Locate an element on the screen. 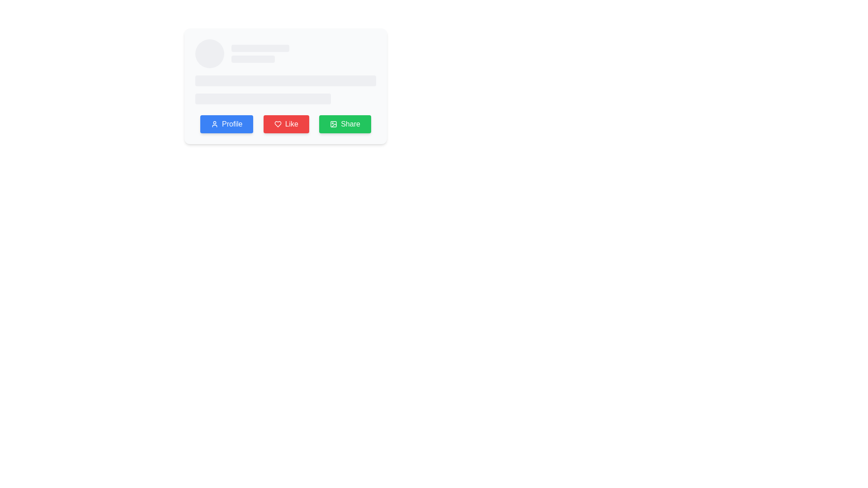 The image size is (868, 488). the Placeholder bar, which is a horizontal rectangular bar with a light gray background and rounded corners, located in the upper-middle region of the interface is located at coordinates (285, 80).